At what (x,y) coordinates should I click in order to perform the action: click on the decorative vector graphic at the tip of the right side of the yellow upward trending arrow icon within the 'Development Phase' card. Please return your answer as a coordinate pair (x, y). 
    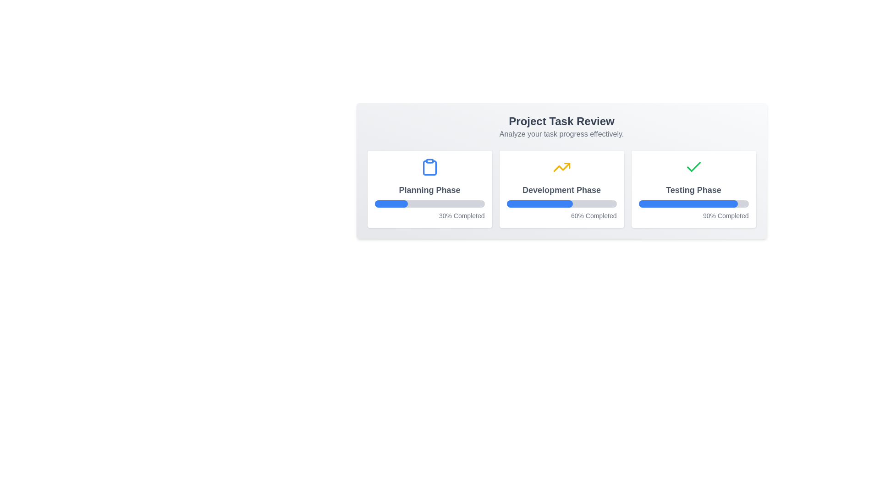
    Looking at the image, I should click on (566, 165).